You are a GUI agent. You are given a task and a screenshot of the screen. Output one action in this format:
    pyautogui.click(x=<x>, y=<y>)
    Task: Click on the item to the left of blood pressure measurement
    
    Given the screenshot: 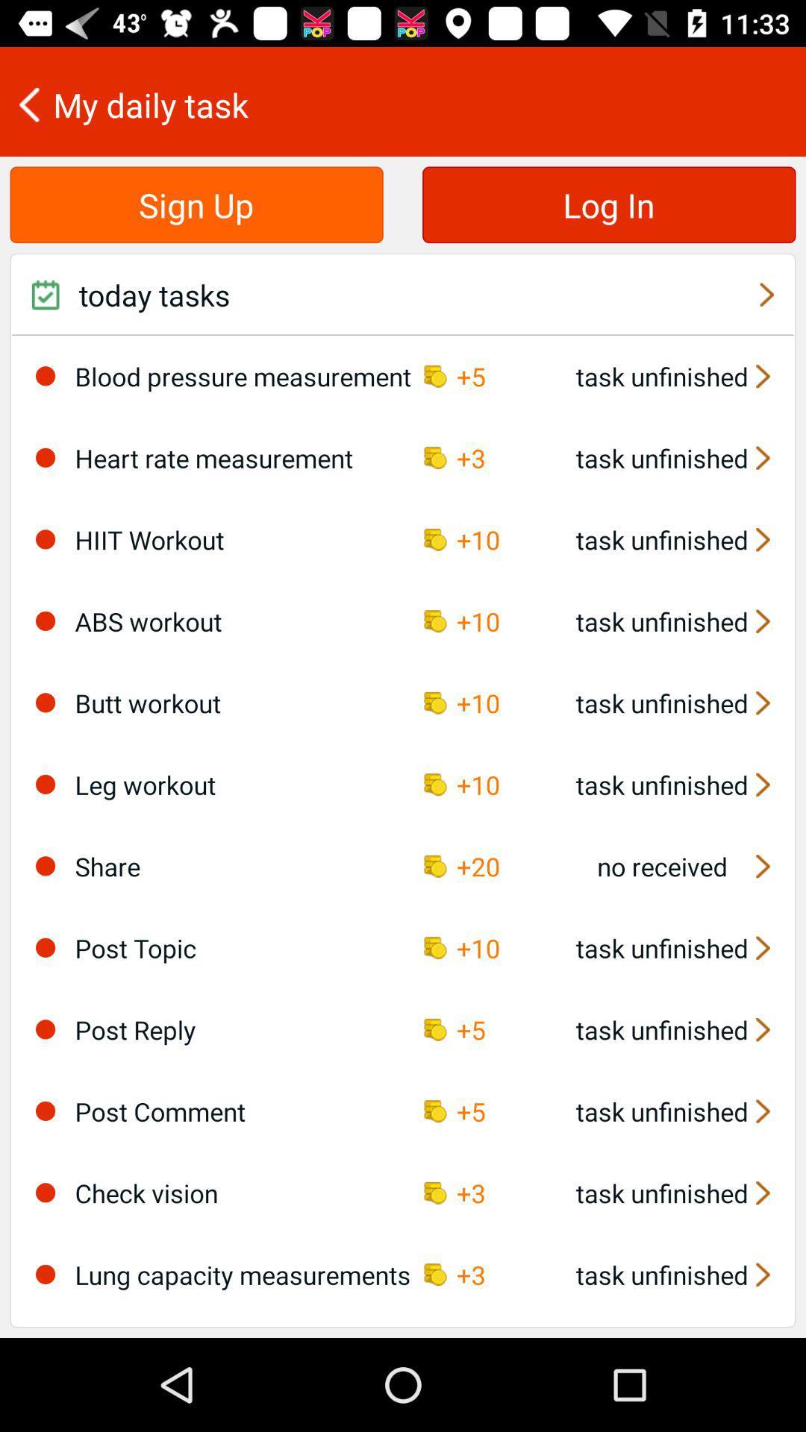 What is the action you would take?
    pyautogui.click(x=45, y=376)
    